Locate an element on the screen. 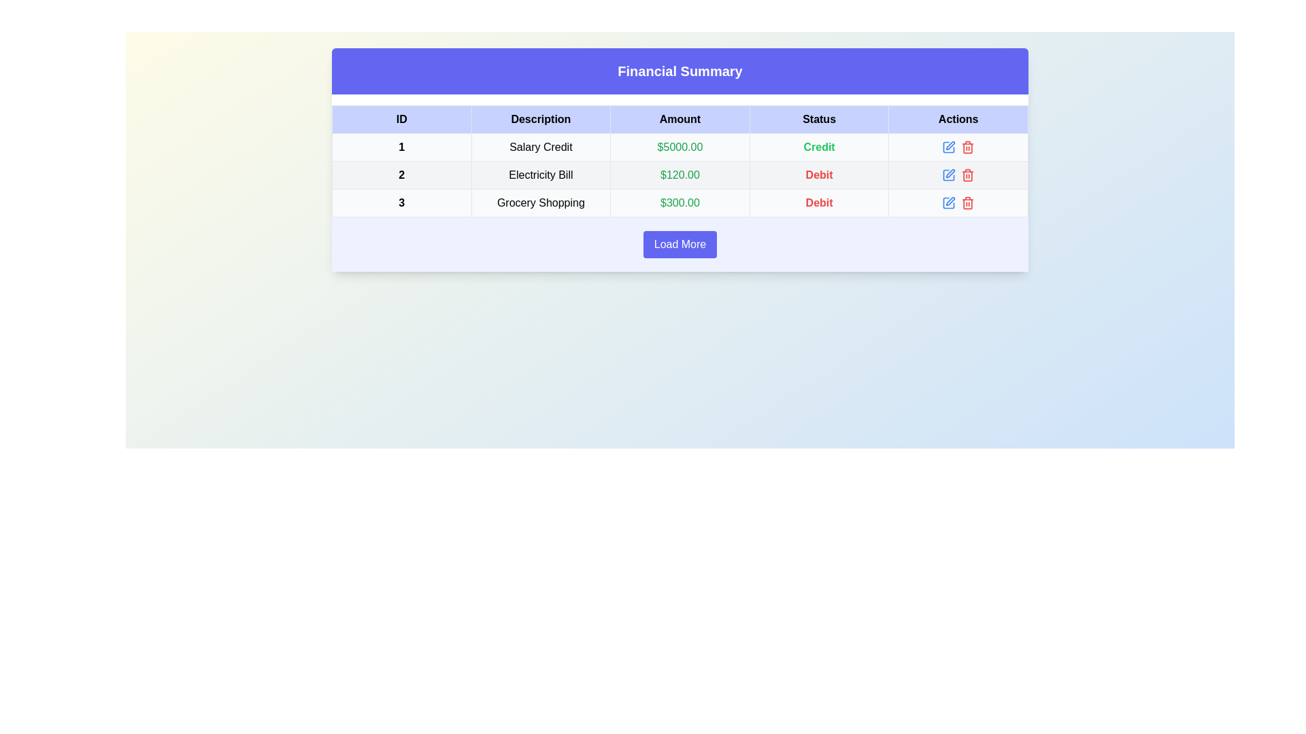  the action icons in the 'Actions' column of the second row of the 'Financial Summary' table is located at coordinates (958, 175).